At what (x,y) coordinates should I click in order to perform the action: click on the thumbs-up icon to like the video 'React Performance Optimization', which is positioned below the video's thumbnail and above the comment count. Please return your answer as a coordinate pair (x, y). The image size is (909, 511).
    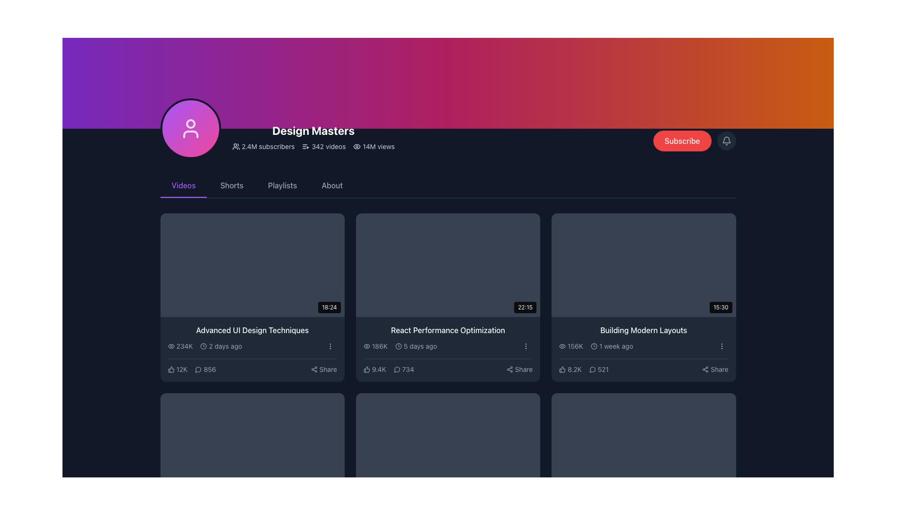
    Looking at the image, I should click on (366, 369).